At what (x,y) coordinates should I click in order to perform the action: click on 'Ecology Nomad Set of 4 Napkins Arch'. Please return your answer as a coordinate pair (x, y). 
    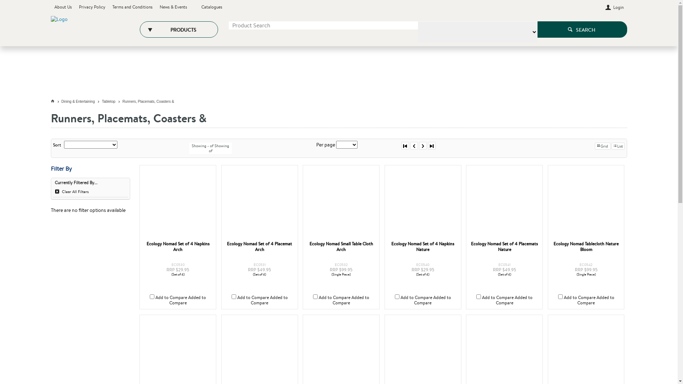
    Looking at the image, I should click on (143, 203).